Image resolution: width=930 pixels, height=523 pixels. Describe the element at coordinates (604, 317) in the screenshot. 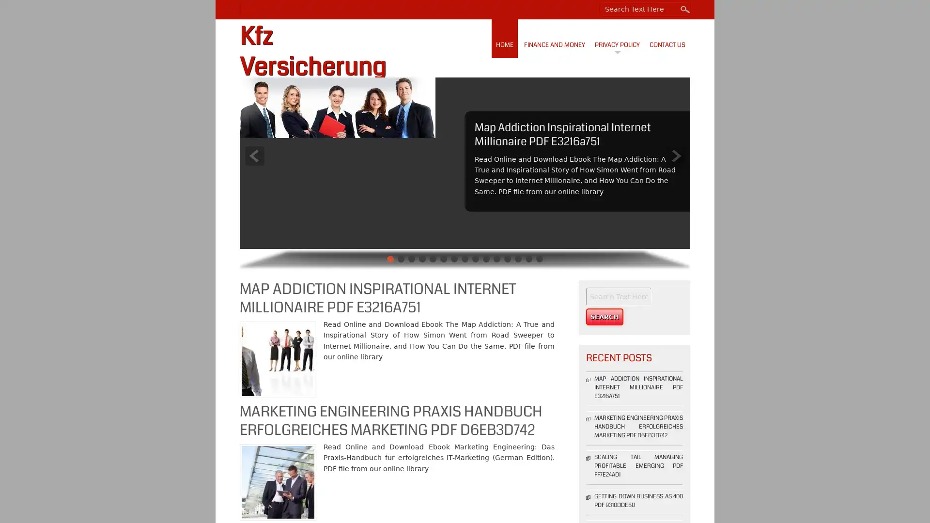

I see `Search` at that location.